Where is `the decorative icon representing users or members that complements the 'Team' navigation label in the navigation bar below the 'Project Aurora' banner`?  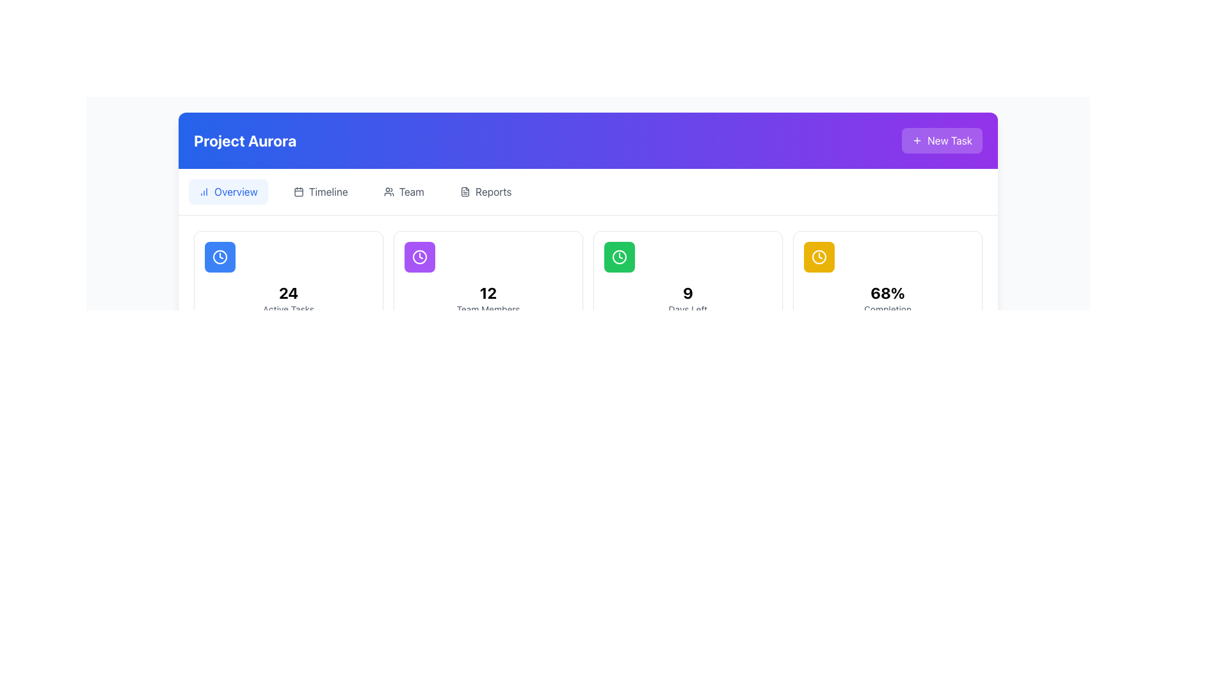
the decorative icon representing users or members that complements the 'Team' navigation label in the navigation bar below the 'Project Aurora' banner is located at coordinates (388, 192).